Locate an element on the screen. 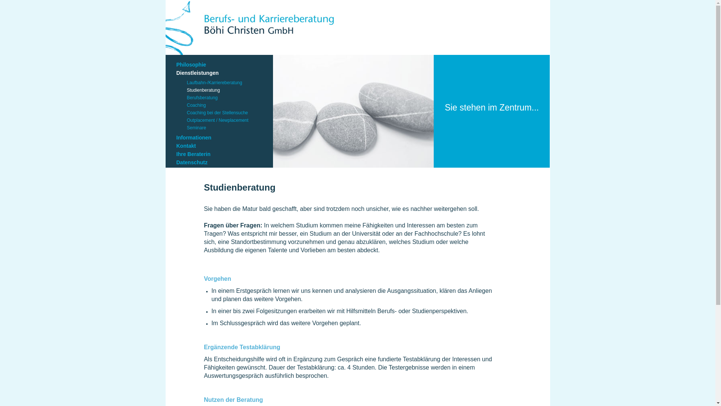  'Coaching bei der Stellensuche' is located at coordinates (184, 113).